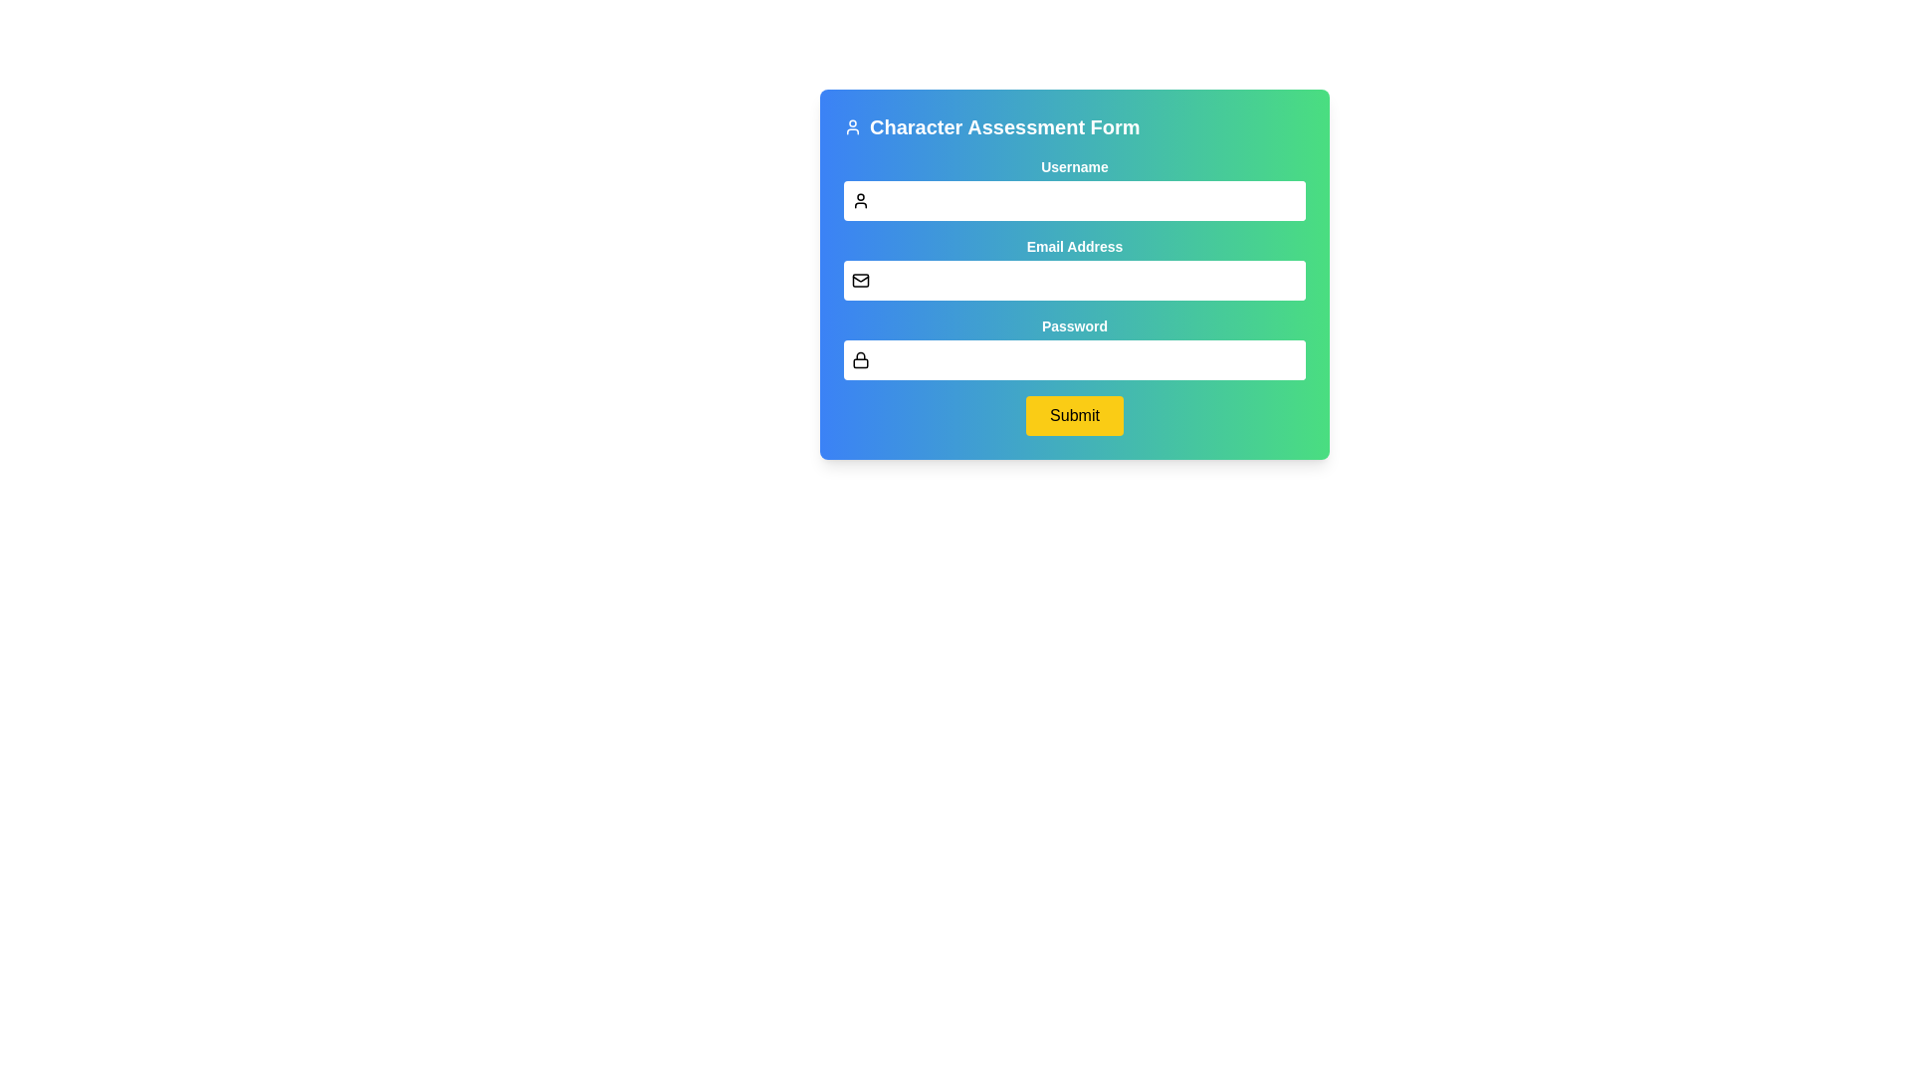  What do you see at coordinates (1074, 324) in the screenshot?
I see `the 'Password' text label, which is a bold, larger font label positioned above the password input field in a vertically stacked form layout` at bounding box center [1074, 324].